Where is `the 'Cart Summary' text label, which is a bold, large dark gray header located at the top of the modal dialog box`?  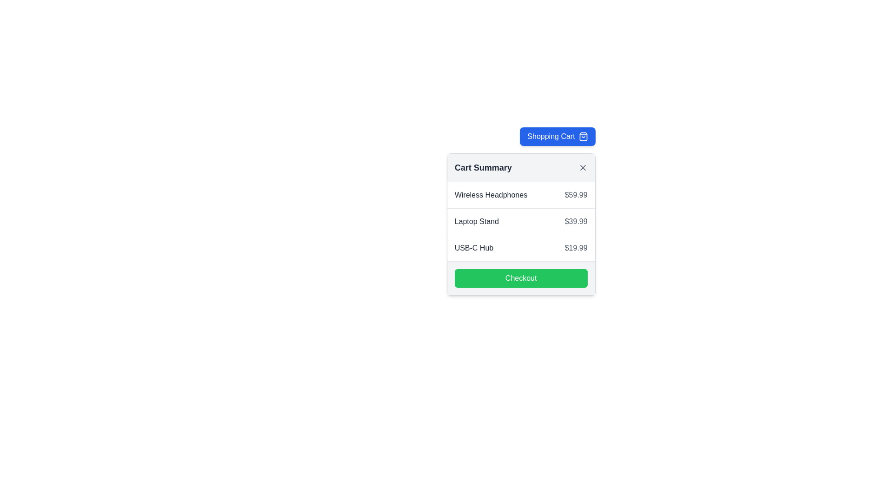 the 'Cart Summary' text label, which is a bold, large dark gray header located at the top of the modal dialog box is located at coordinates (483, 168).